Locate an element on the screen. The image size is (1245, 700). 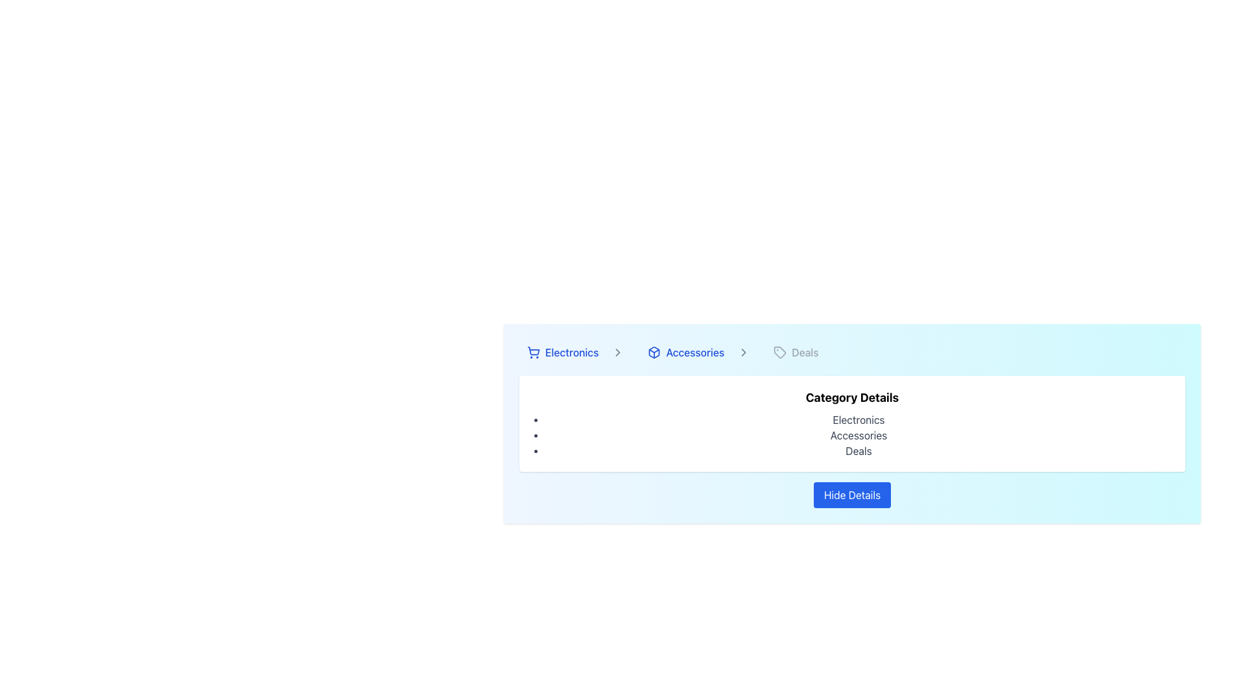
the Heading element which serves as the title for the subsequent content, positioned above the bullet-point list is located at coordinates (852, 397).